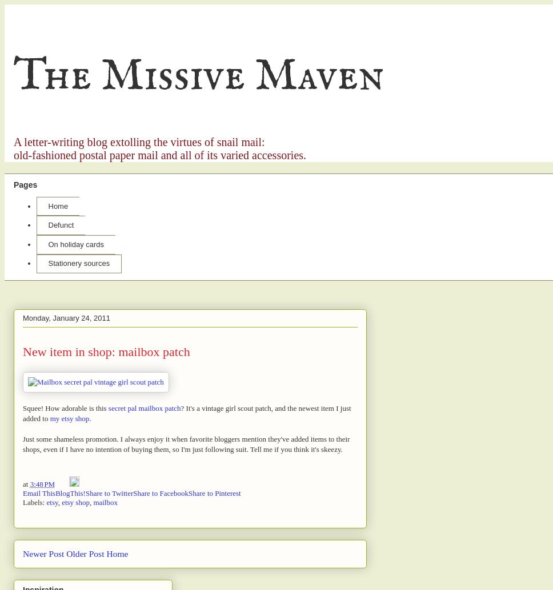 The width and height of the screenshot is (553, 590). Describe the element at coordinates (61, 224) in the screenshot. I see `'Defunct'` at that location.